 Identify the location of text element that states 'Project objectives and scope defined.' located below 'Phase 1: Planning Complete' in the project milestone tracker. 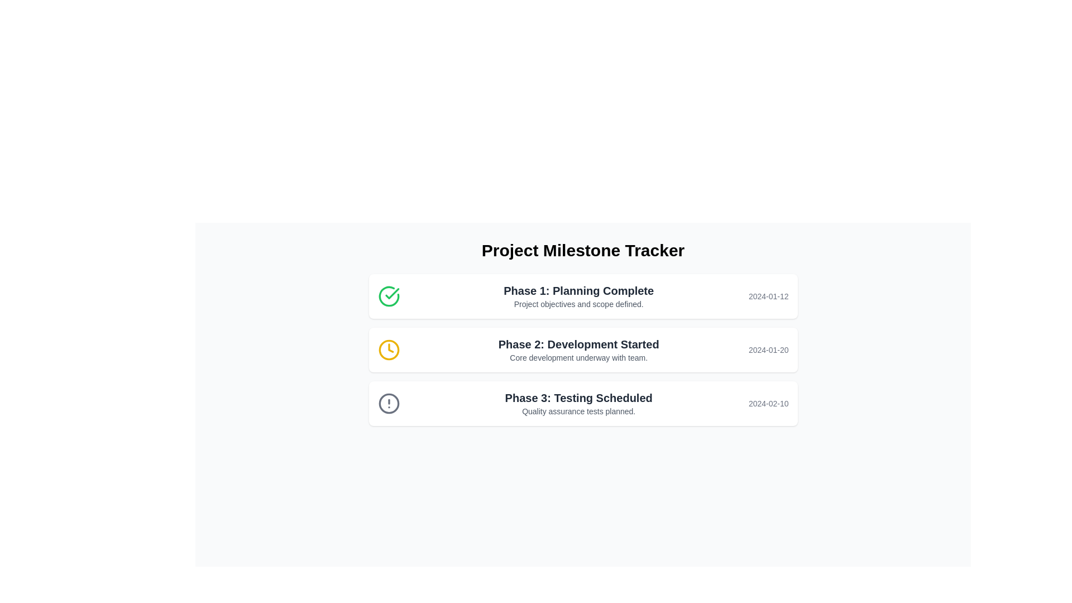
(578, 304).